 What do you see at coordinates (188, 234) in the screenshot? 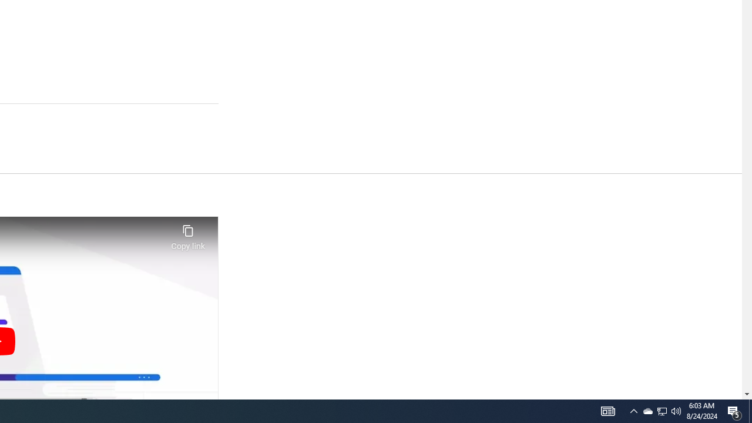
I see `'Copy link'` at bounding box center [188, 234].